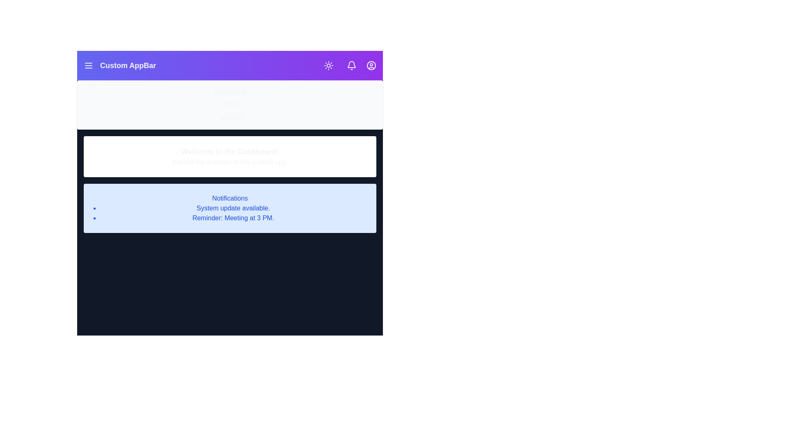  Describe the element at coordinates (352, 65) in the screenshot. I see `the bell icon to toggle the visibility of notifications` at that location.